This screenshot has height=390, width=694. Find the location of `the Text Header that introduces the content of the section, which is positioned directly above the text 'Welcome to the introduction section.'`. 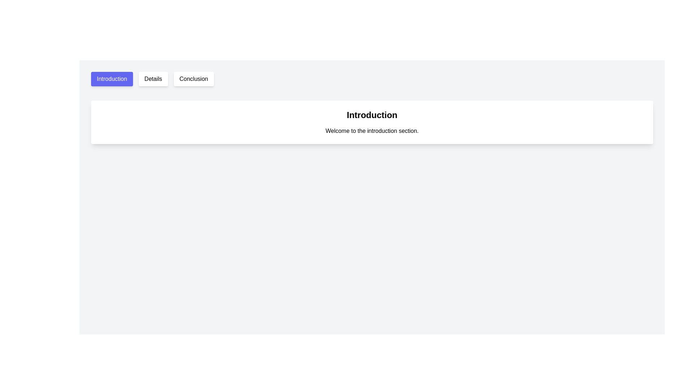

the Text Header that introduces the content of the section, which is positioned directly above the text 'Welcome to the introduction section.' is located at coordinates (372, 115).